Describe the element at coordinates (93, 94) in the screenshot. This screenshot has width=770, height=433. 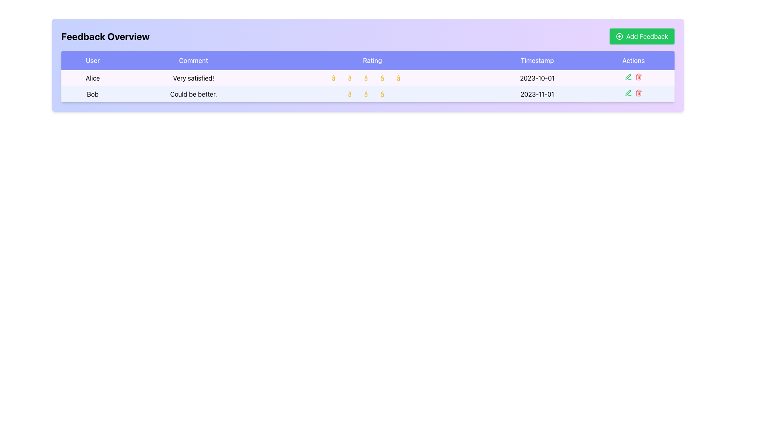
I see `displayed text from the text label that shows 'Bob' in bold style, located in the second row of the table under the 'User' column` at that location.